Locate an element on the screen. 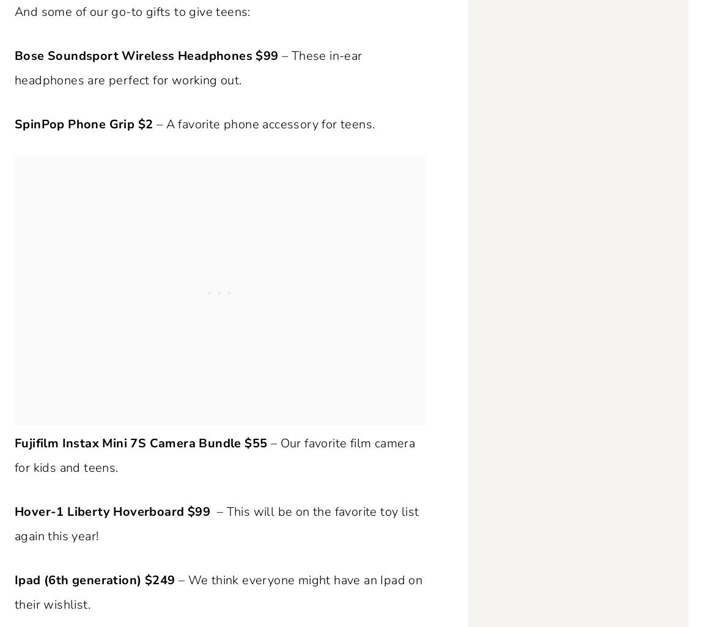  '– Our favorite film camera for kids and teens.' is located at coordinates (215, 455).